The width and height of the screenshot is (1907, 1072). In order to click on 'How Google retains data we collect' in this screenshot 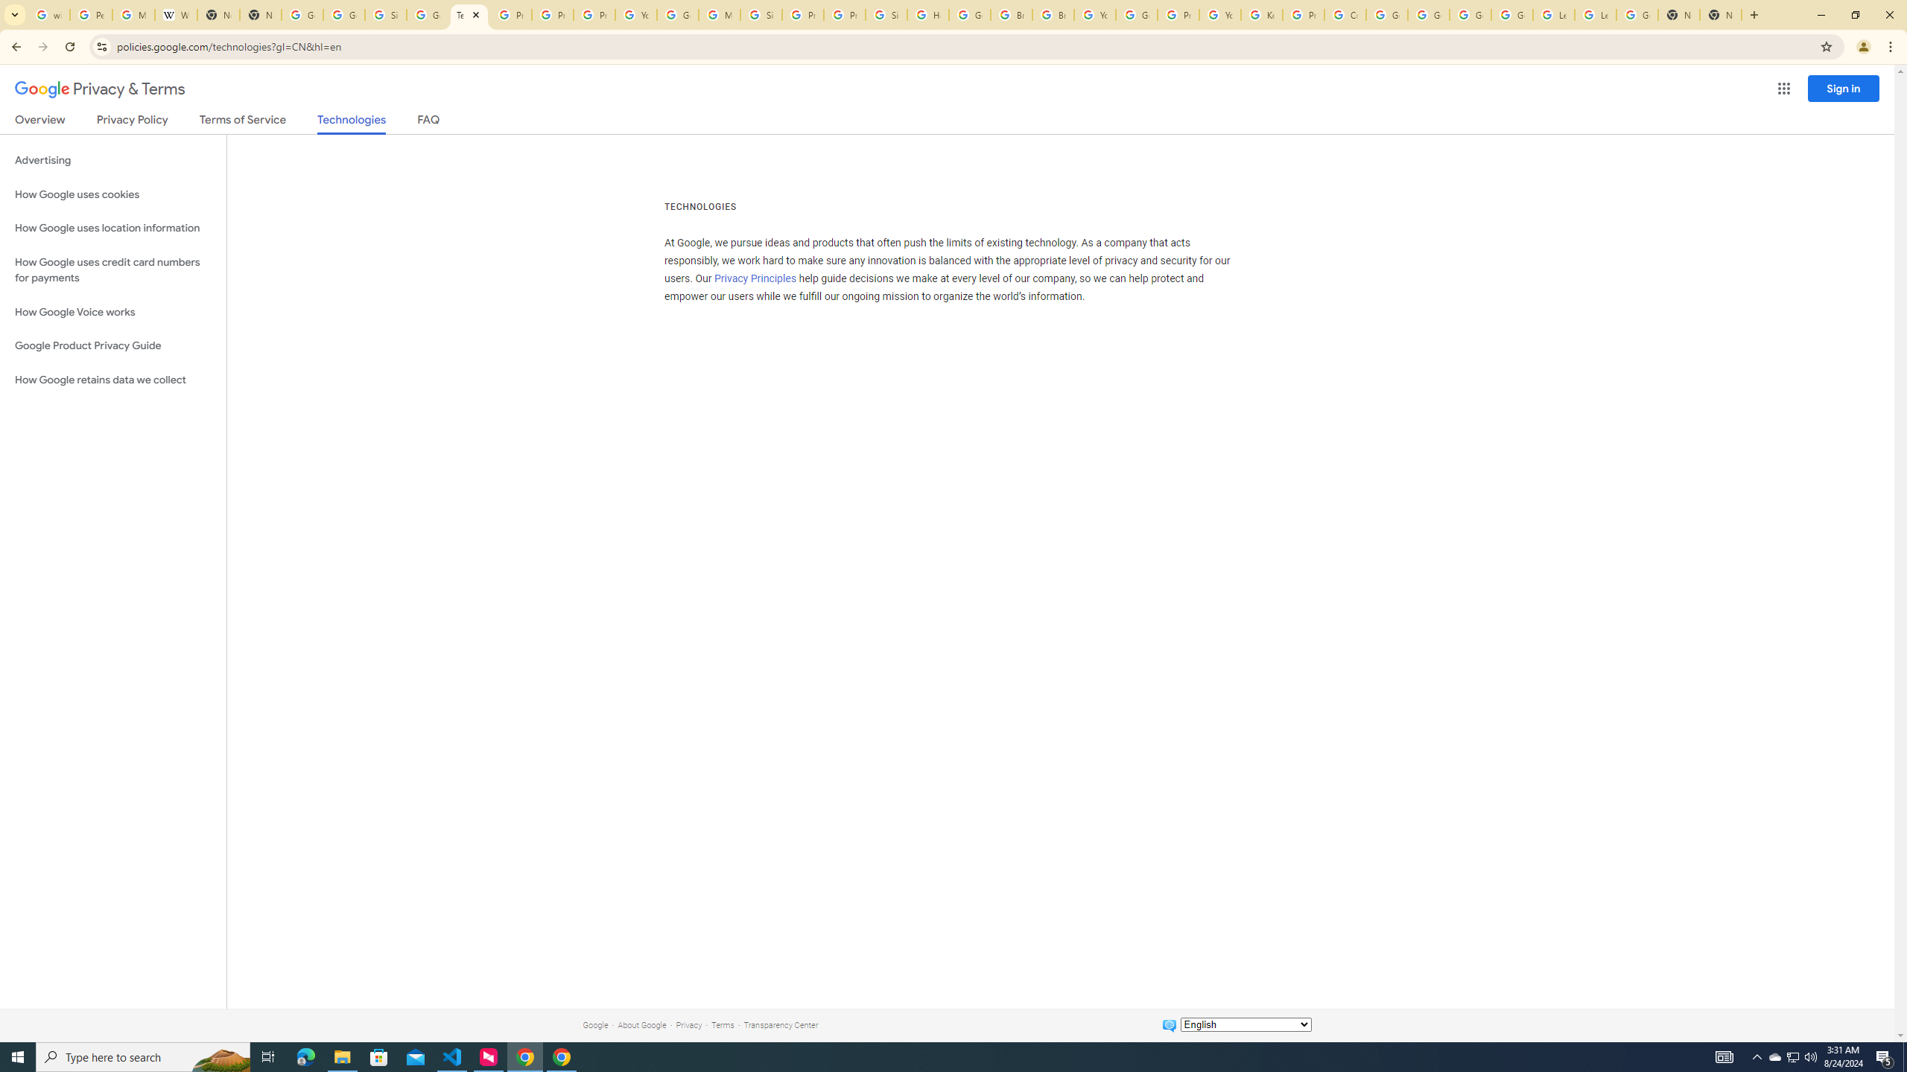, I will do `click(112, 379)`.